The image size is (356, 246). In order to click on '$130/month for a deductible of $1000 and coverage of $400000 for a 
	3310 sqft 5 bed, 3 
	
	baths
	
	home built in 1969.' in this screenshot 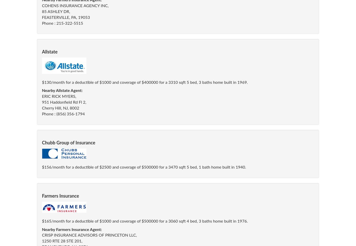, I will do `click(145, 82)`.